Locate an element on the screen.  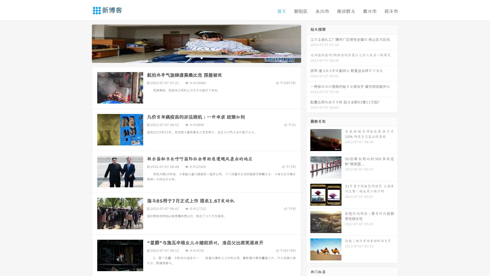
Previous slide is located at coordinates (84, 43).